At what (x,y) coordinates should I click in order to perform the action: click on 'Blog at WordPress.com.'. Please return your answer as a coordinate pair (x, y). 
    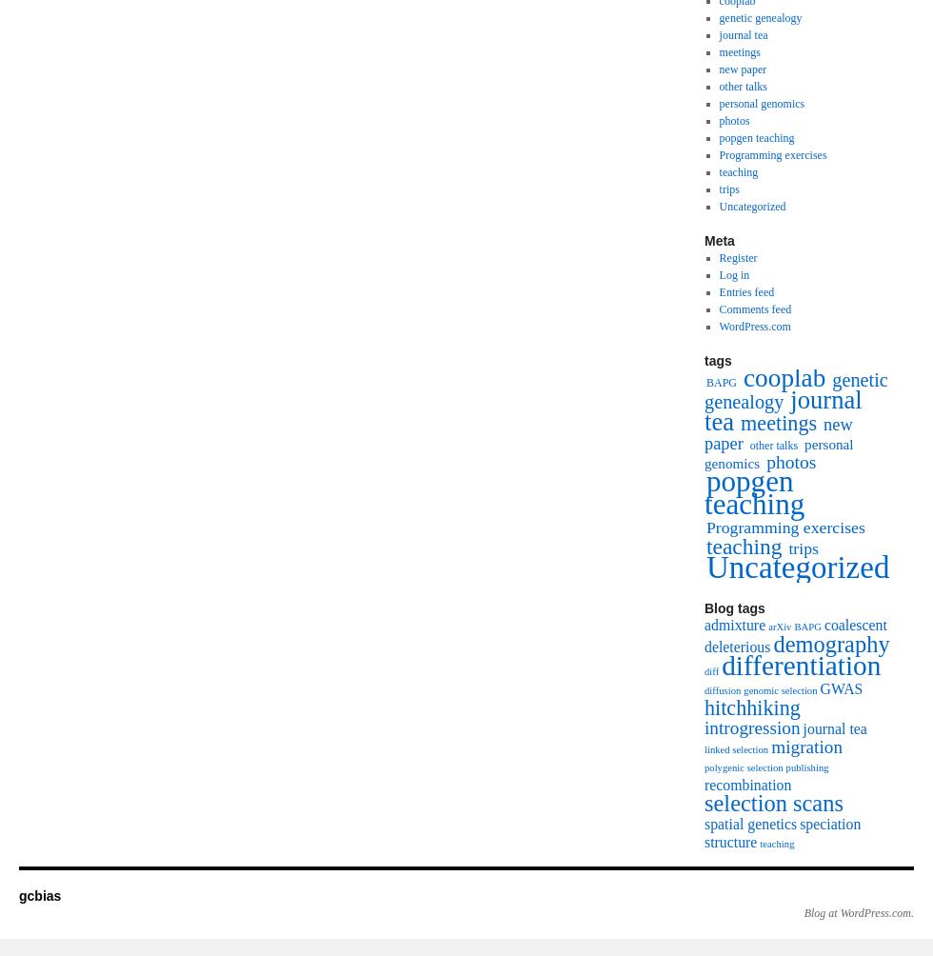
    Looking at the image, I should click on (858, 912).